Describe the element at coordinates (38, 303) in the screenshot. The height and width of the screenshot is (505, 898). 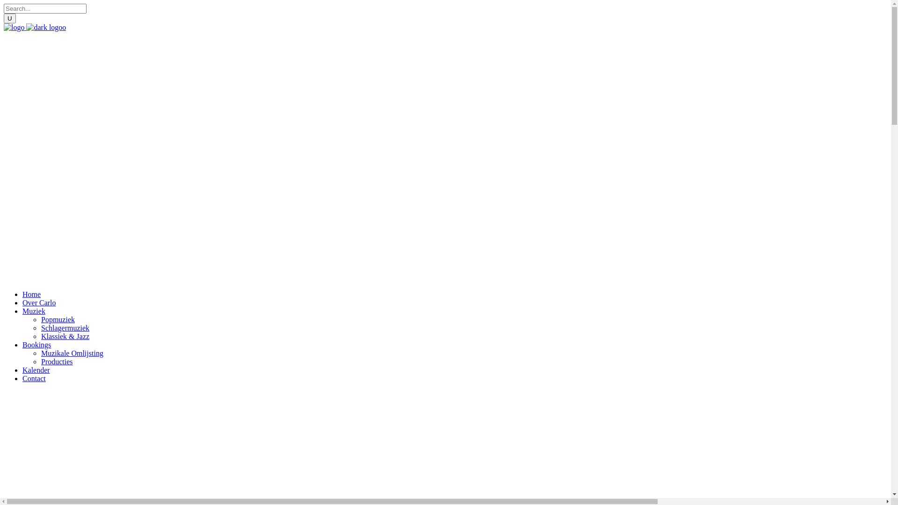
I see `'Over Carlo'` at that location.